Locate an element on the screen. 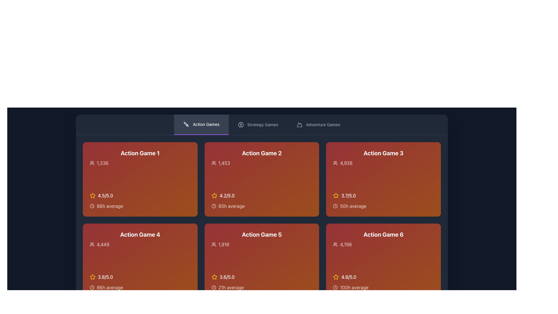  the outlined yellow star icon located in the third card of the game listing interface, which is positioned above the rating text '3.7/5.0' is located at coordinates (336, 195).